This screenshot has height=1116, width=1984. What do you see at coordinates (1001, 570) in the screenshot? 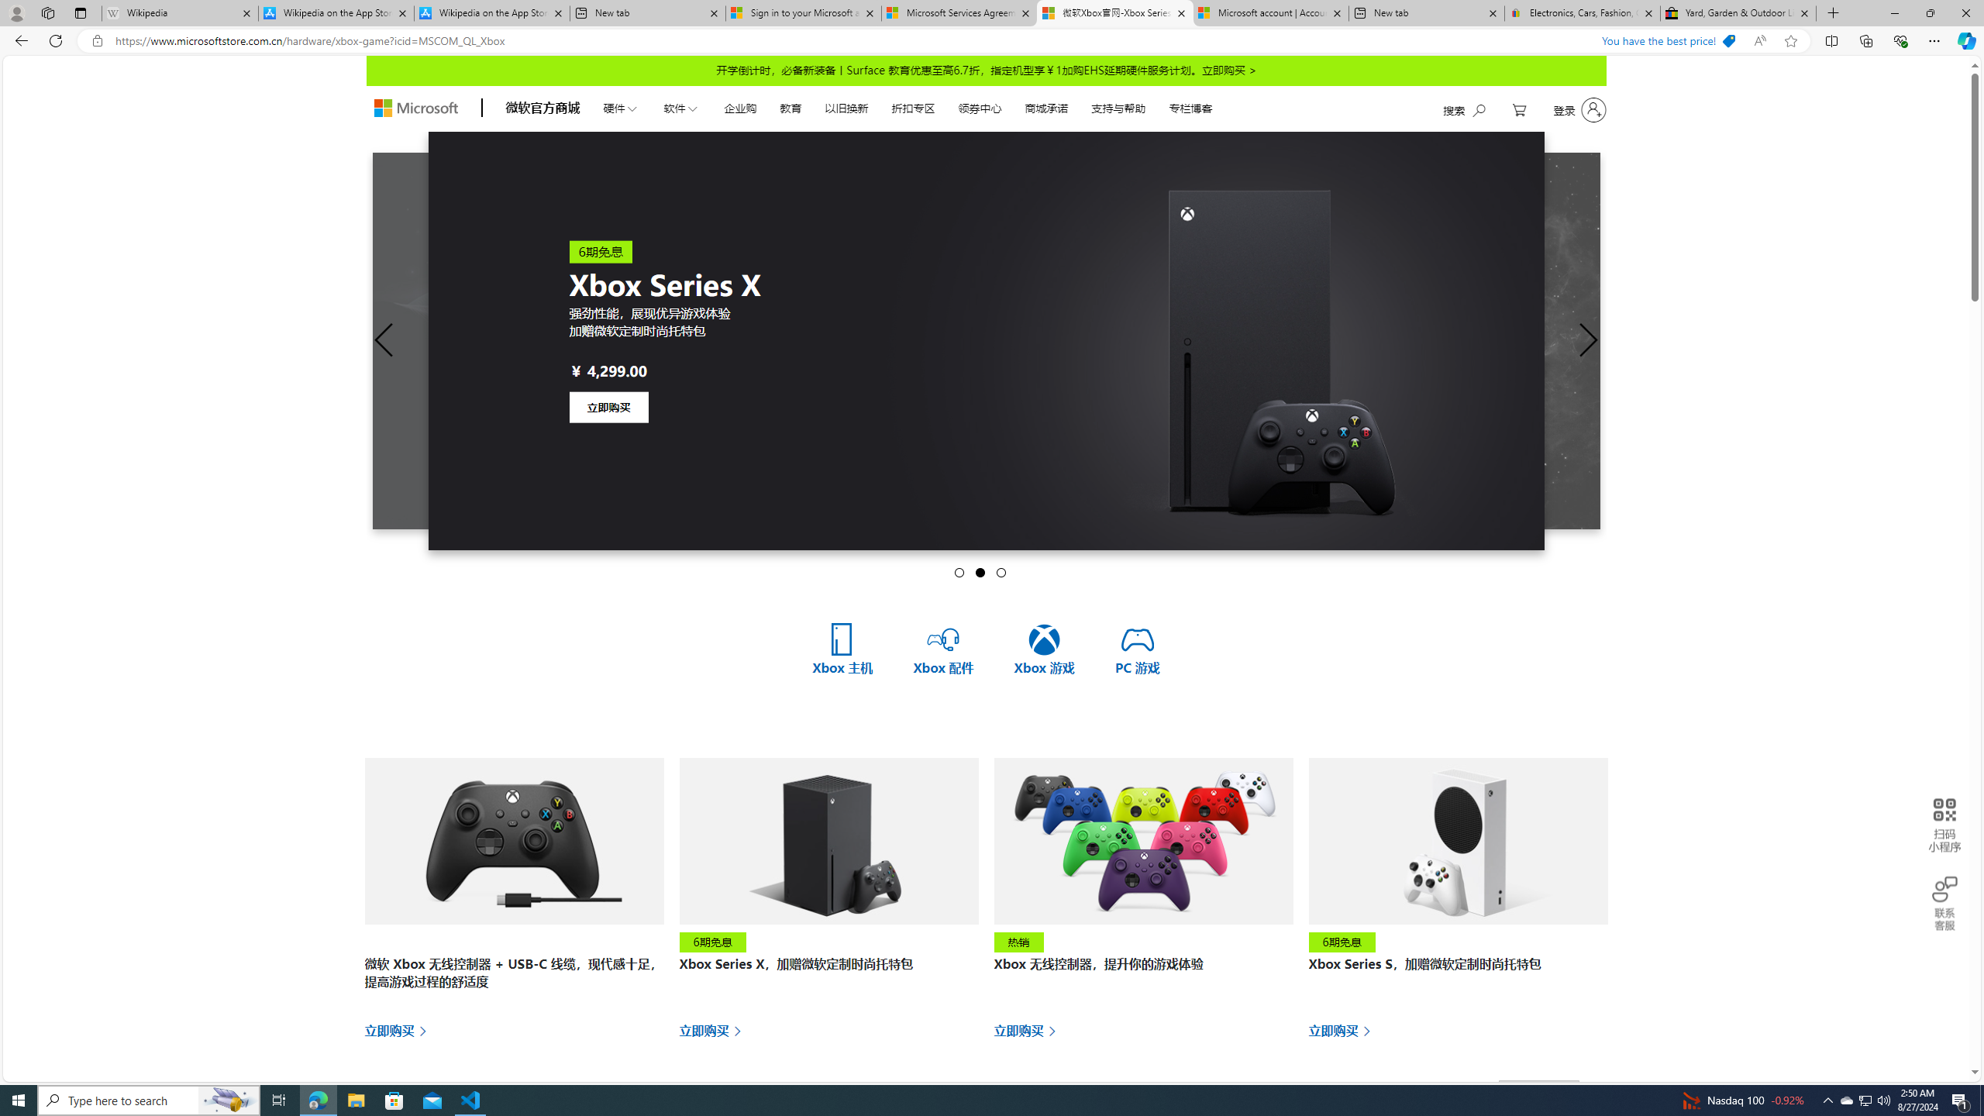
I see `'Go to slide 3'` at bounding box center [1001, 570].